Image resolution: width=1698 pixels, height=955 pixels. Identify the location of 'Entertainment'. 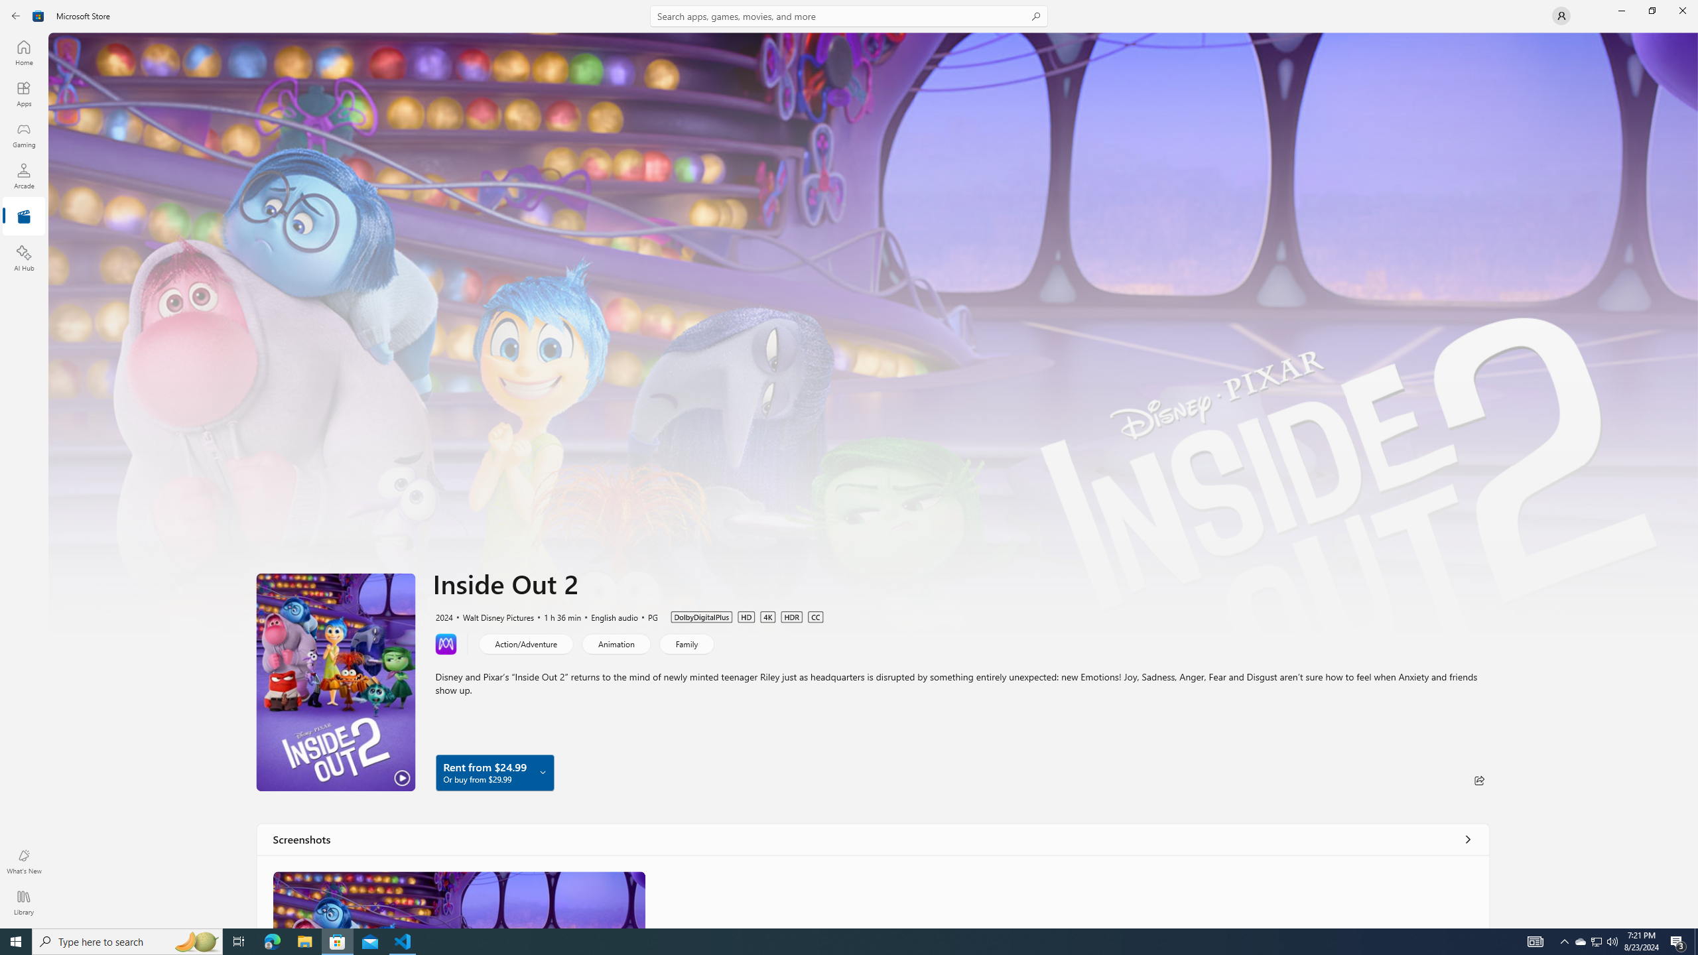
(23, 216).